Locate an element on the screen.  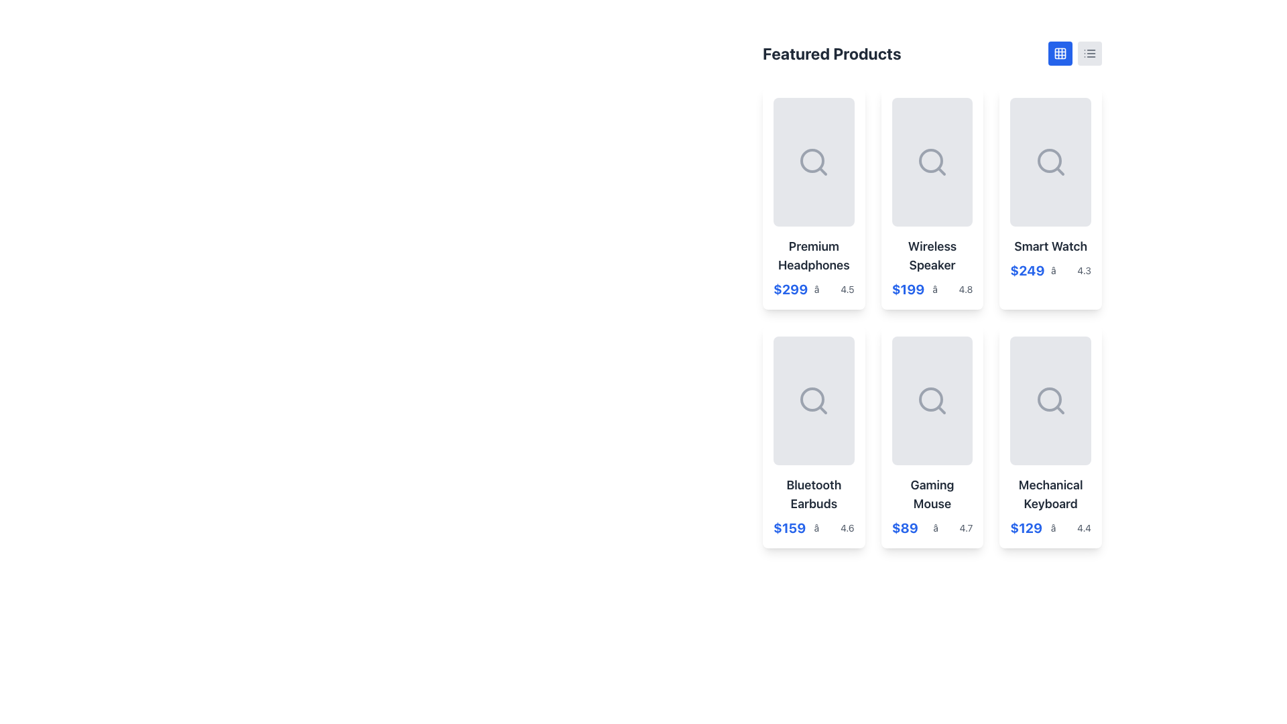
the search icon located in the second row and second column of the grid, which is positioned above the label 'Gaming Mouse' is located at coordinates (932, 400).